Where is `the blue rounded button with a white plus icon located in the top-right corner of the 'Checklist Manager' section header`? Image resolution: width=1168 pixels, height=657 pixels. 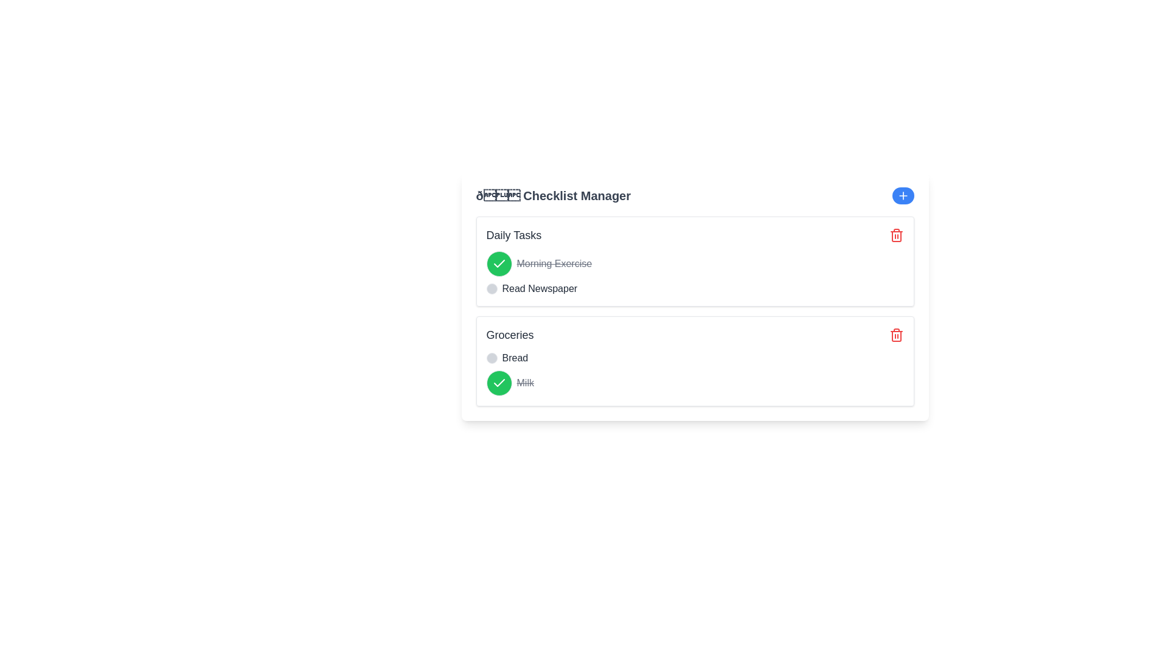
the blue rounded button with a white plus icon located in the top-right corner of the 'Checklist Manager' section header is located at coordinates (903, 195).